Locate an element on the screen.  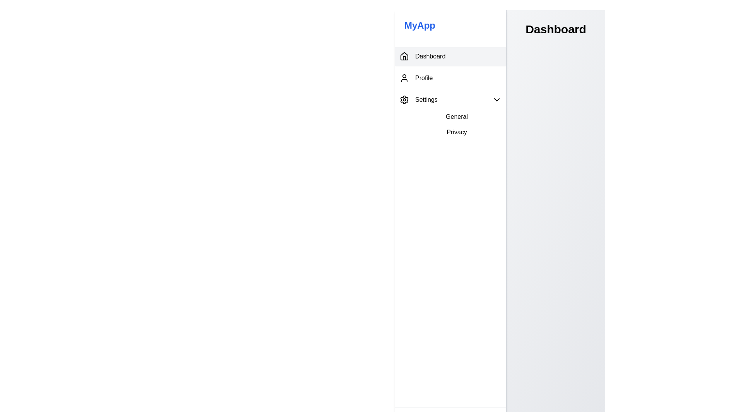
the Text label located at the top of the sidebar, serving as the branding identifier for the application is located at coordinates (450, 25).